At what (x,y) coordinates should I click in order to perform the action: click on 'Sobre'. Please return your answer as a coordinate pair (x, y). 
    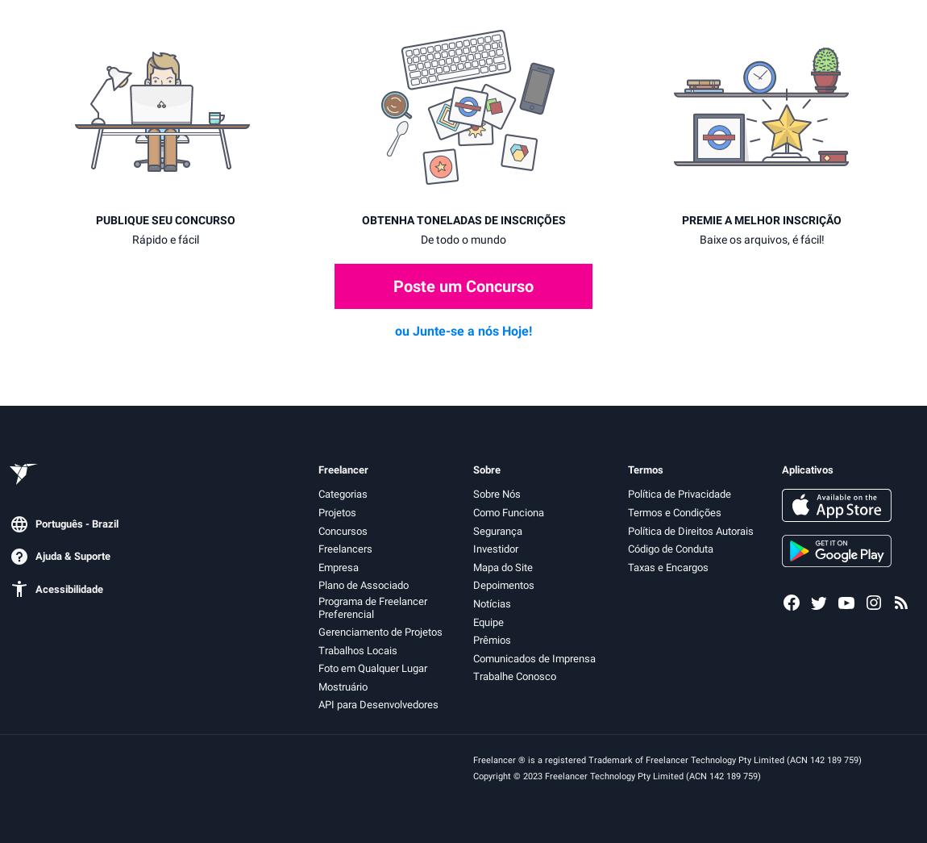
    Looking at the image, I should click on (484, 468).